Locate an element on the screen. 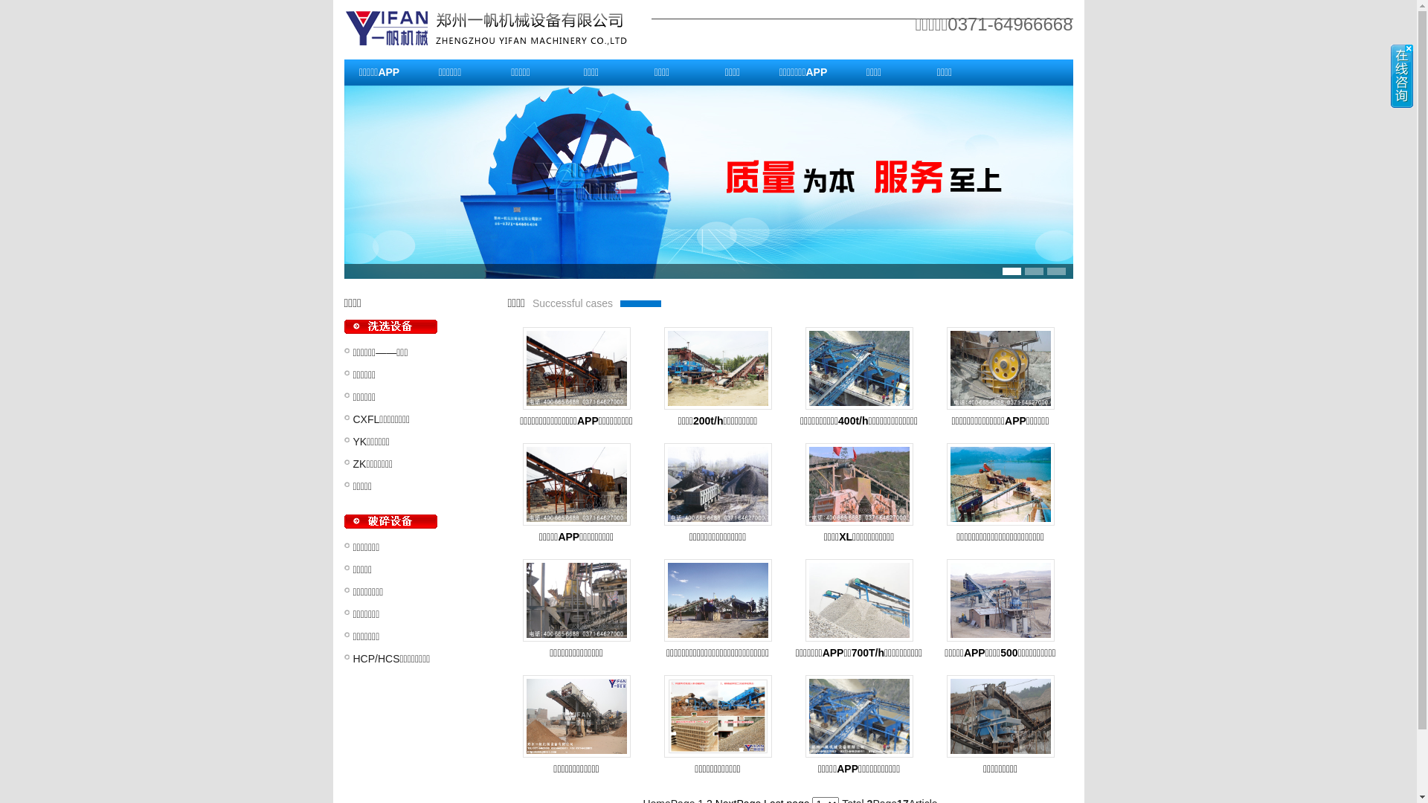  'logo' is located at coordinates (497, 28).